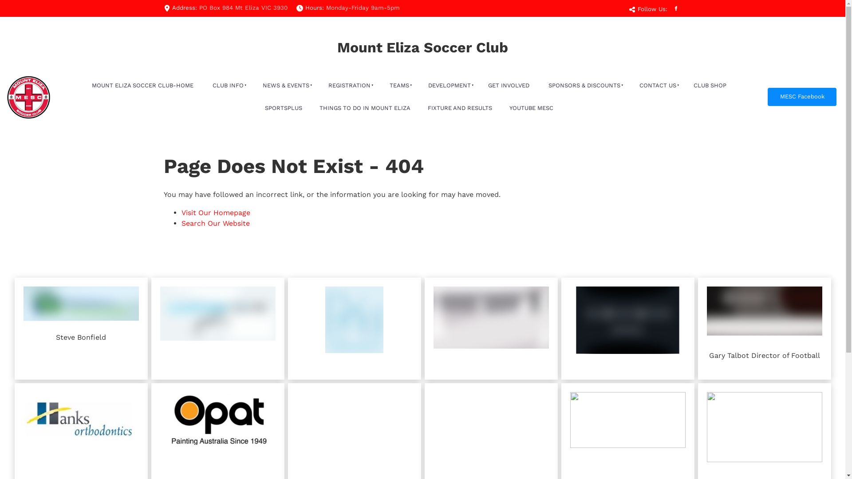 This screenshot has height=479, width=852. What do you see at coordinates (802, 97) in the screenshot?
I see `'MESC Facebook'` at bounding box center [802, 97].